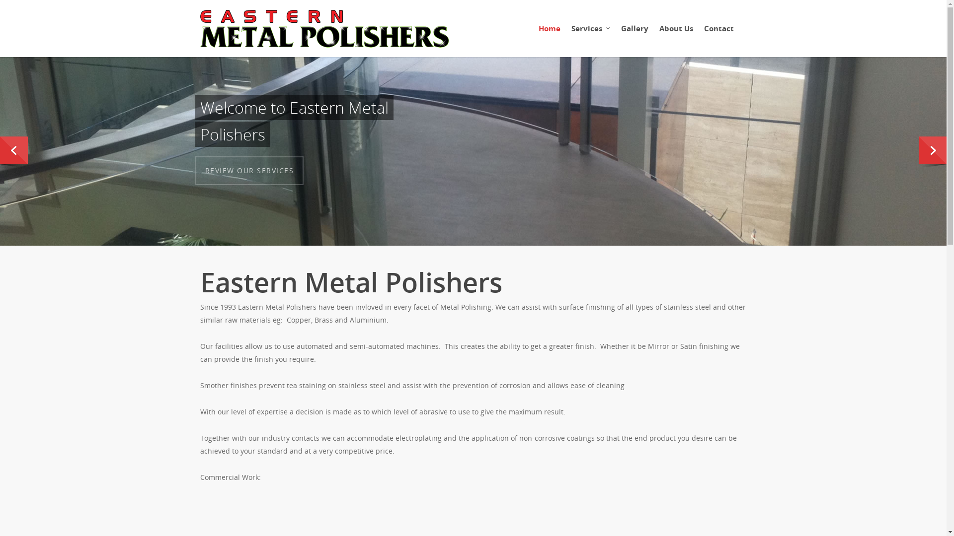 Image resolution: width=954 pixels, height=536 pixels. I want to click on 'Home', so click(549, 33).